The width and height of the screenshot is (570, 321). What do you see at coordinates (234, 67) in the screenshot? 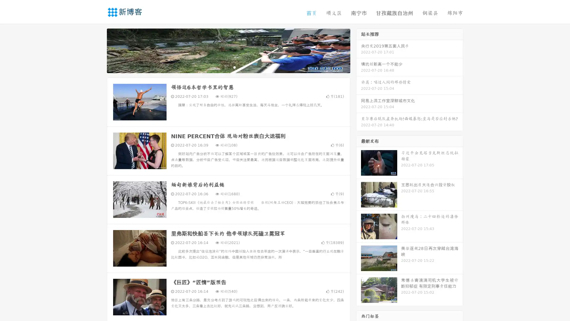
I see `Go to slide 3` at bounding box center [234, 67].